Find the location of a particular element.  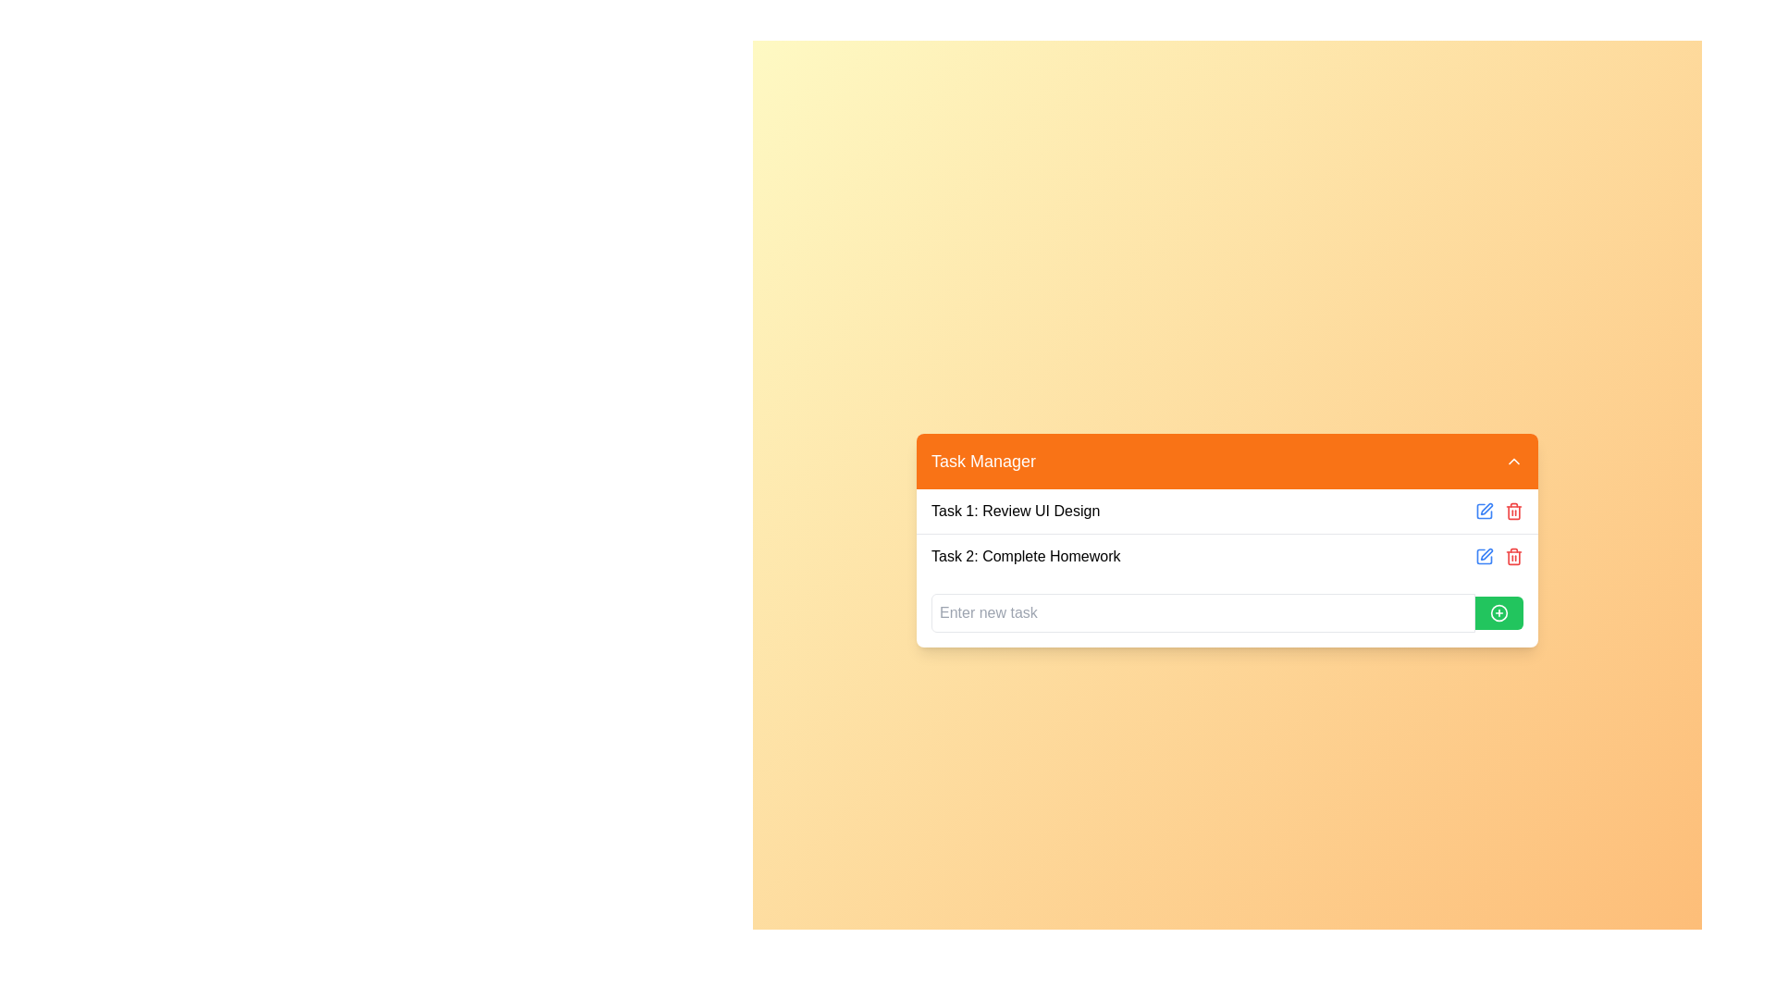

the static text element displaying 'Task 1: Review UI Design', which is prominently placed in the first task item slot of the task manager interface is located at coordinates (1015, 511).